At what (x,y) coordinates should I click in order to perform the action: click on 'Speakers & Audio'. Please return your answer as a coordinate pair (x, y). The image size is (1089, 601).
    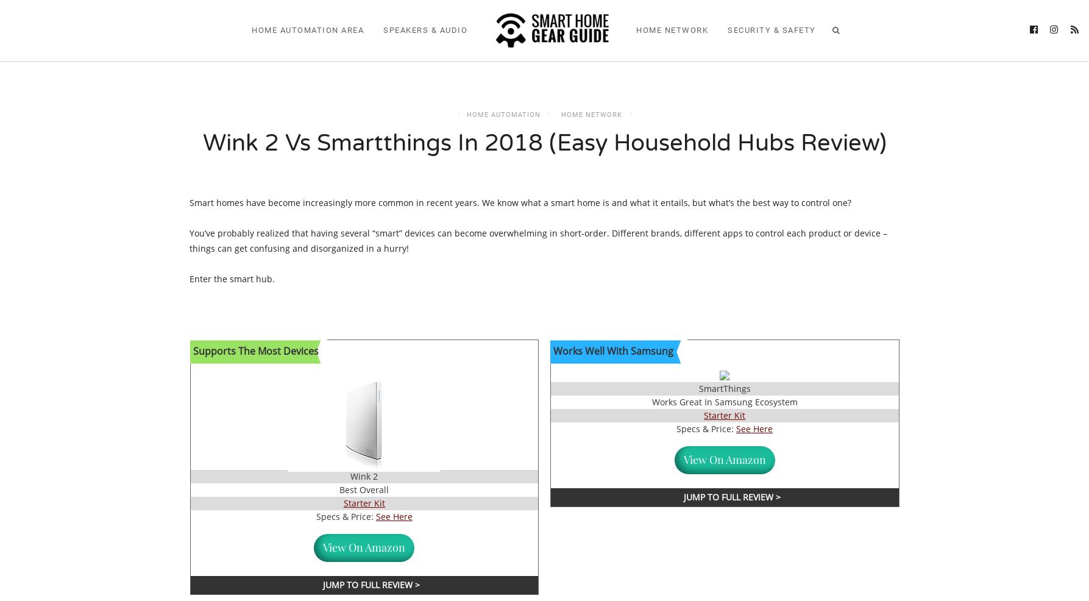
    Looking at the image, I should click on (425, 29).